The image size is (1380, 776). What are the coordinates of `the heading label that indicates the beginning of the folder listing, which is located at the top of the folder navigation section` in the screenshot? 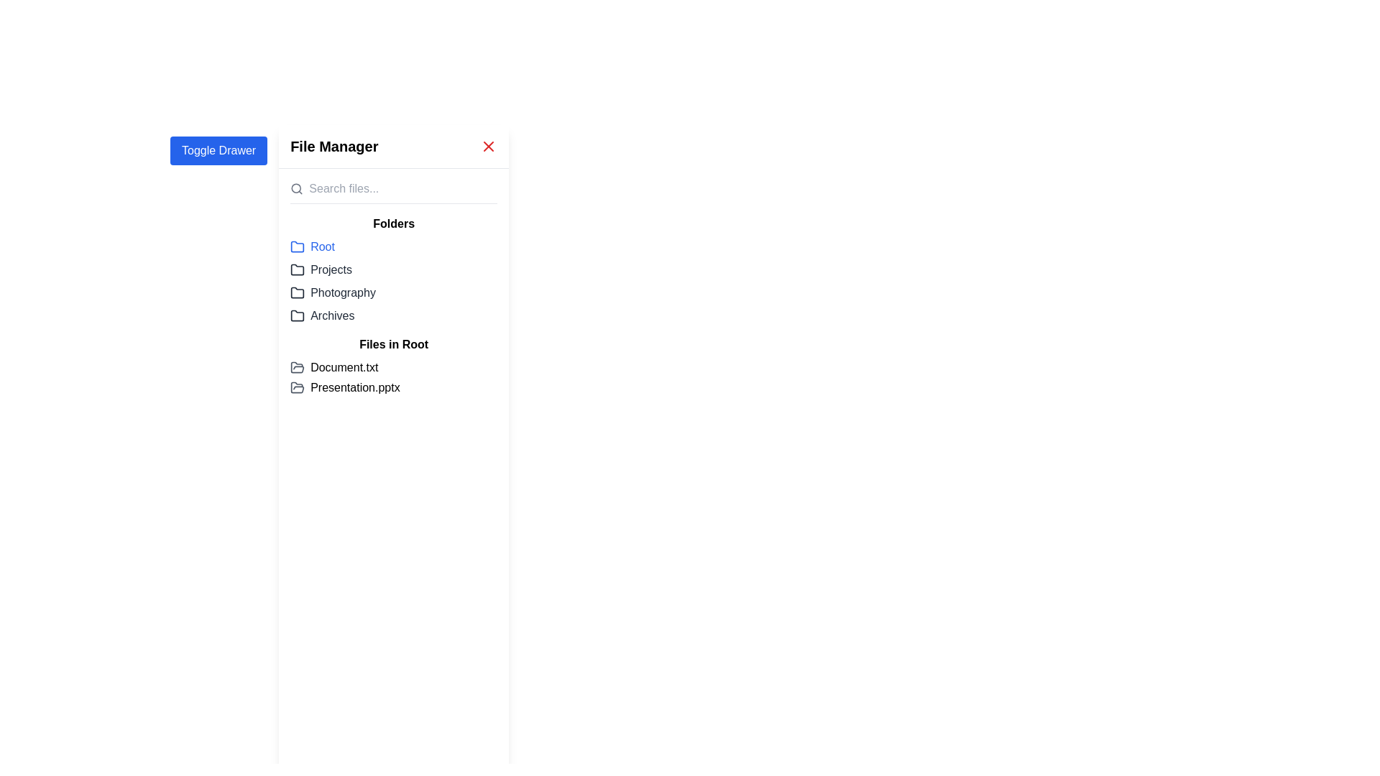 It's located at (394, 224).